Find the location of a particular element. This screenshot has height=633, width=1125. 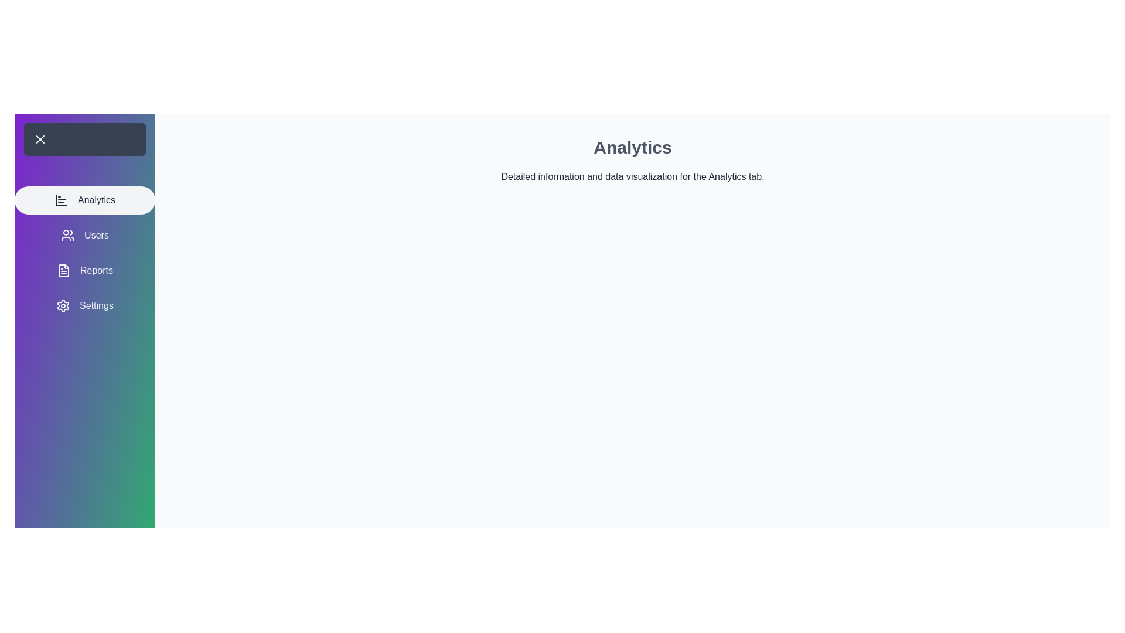

toggle button at the top of the drawer to change its state is located at coordinates (84, 139).